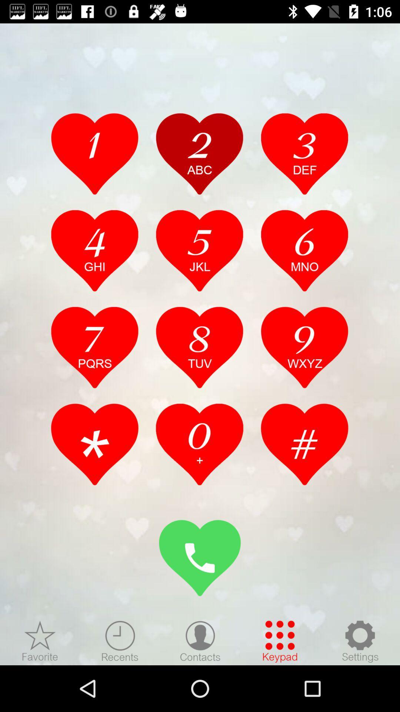  Describe the element at coordinates (360, 641) in the screenshot. I see `the settings icon` at that location.